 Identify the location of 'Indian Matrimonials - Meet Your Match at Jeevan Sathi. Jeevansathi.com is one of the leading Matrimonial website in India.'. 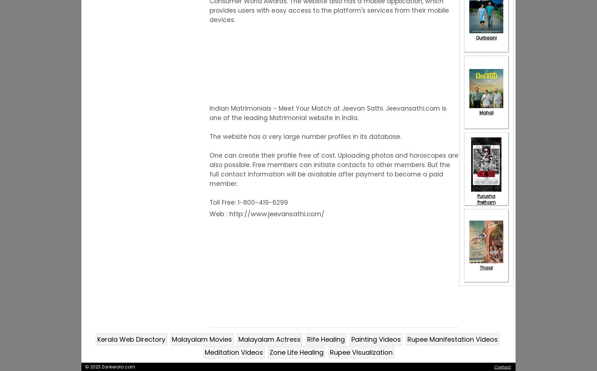
(209, 113).